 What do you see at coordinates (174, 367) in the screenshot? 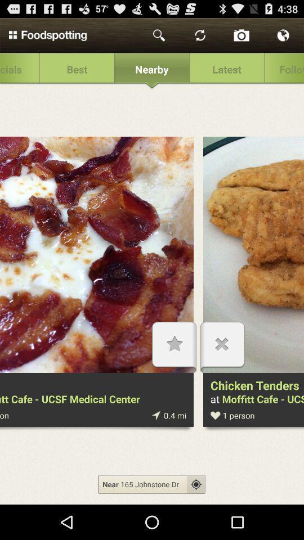
I see `the star icon` at bounding box center [174, 367].